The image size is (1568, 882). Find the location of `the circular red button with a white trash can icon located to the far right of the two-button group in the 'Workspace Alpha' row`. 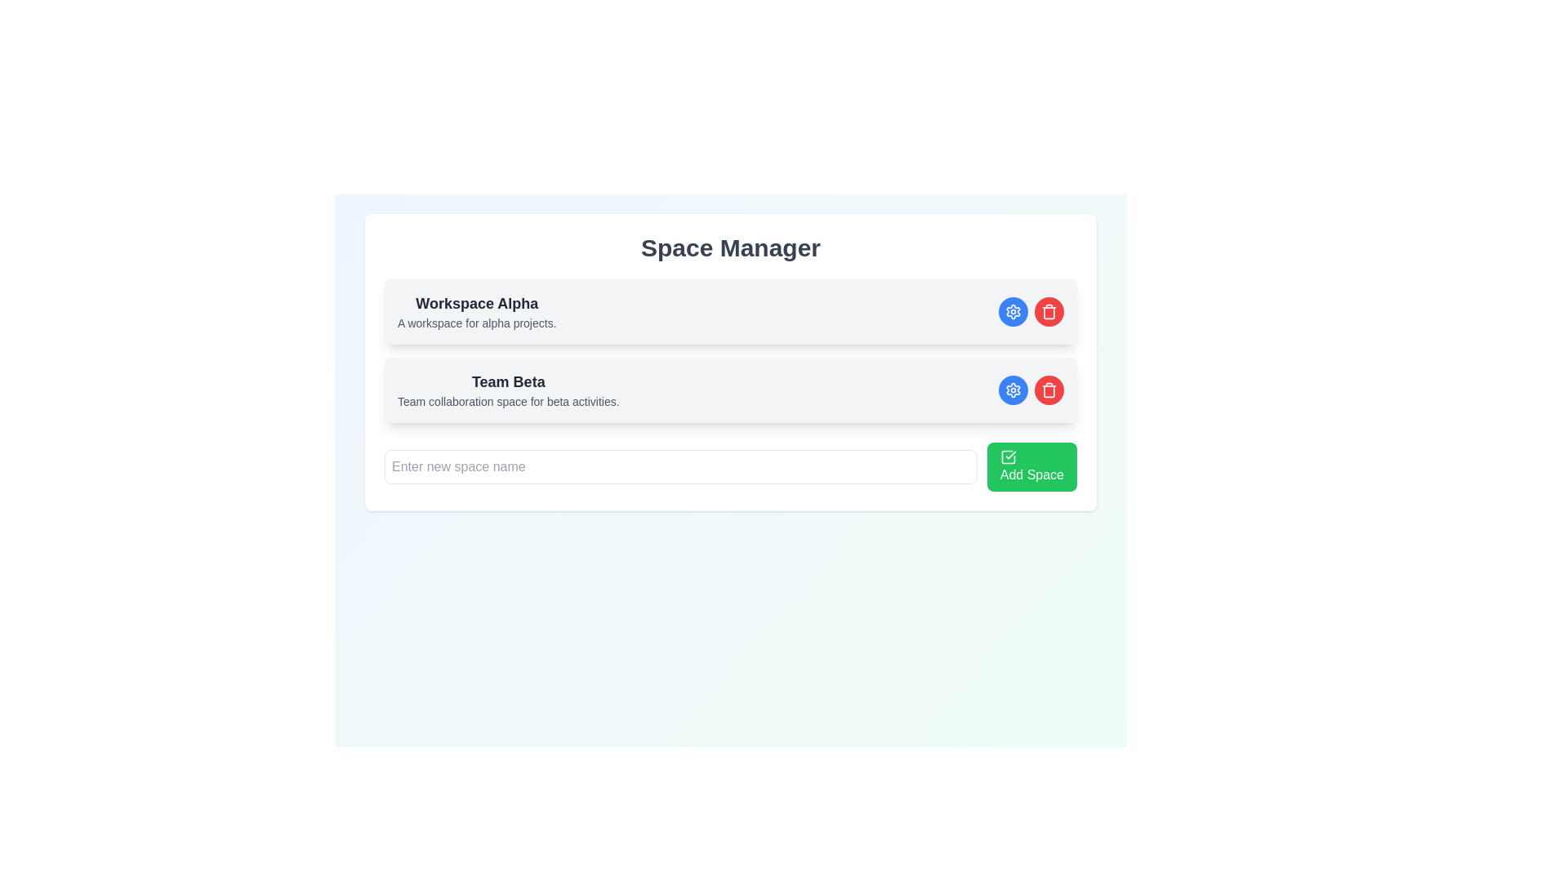

the circular red button with a white trash can icon located to the far right of the two-button group in the 'Workspace Alpha' row is located at coordinates (1049, 311).